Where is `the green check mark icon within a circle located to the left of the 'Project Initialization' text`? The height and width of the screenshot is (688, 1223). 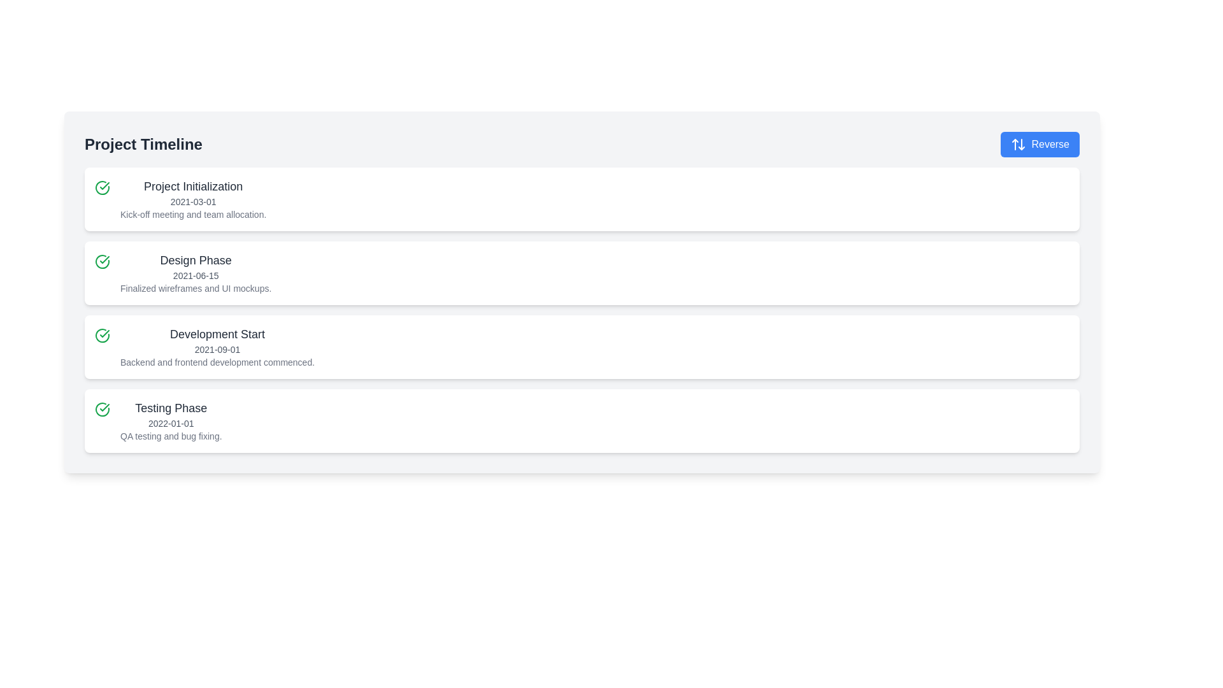
the green check mark icon within a circle located to the left of the 'Project Initialization' text is located at coordinates (103, 187).